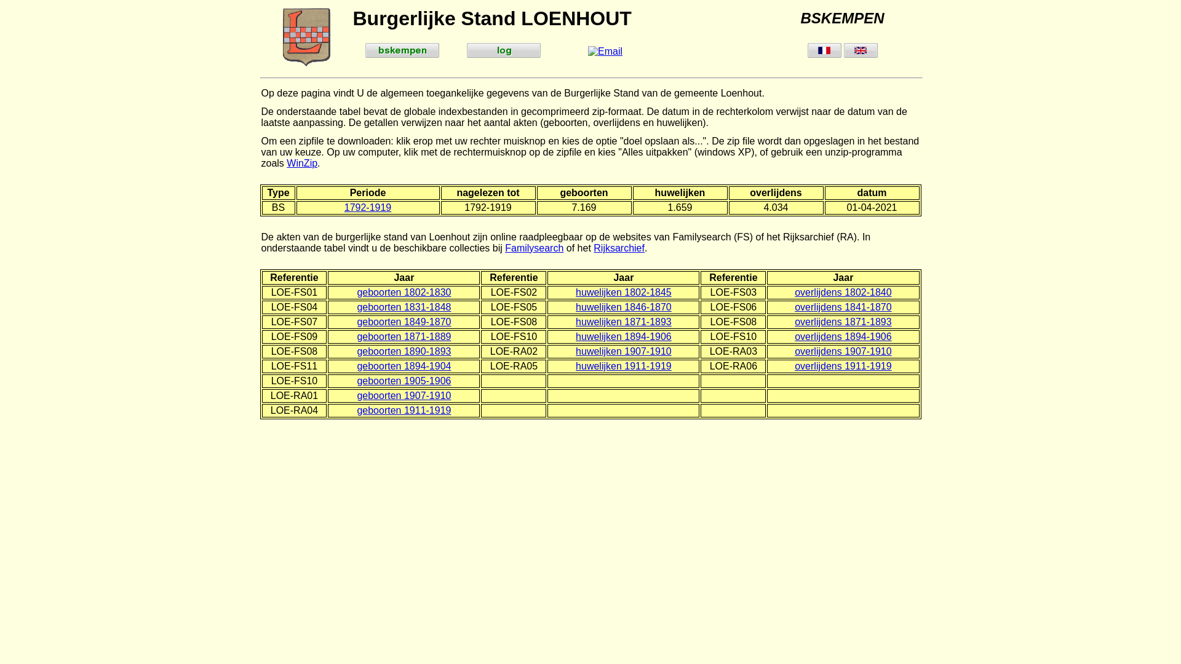 This screenshot has height=664, width=1181. Describe the element at coordinates (842, 306) in the screenshot. I see `'overlijdens 1841-1870'` at that location.